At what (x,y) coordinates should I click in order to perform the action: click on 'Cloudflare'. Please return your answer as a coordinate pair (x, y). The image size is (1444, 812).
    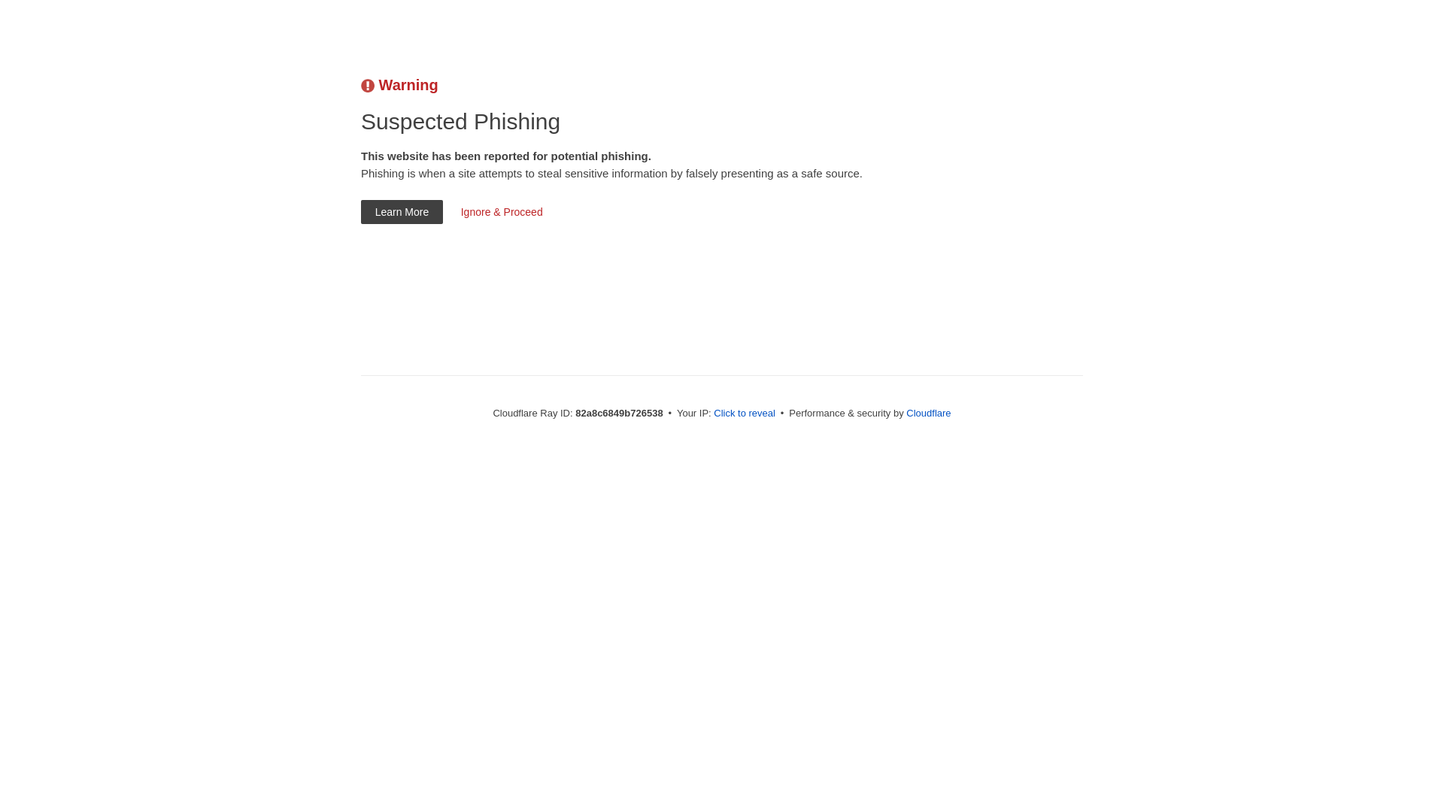
    Looking at the image, I should click on (927, 413).